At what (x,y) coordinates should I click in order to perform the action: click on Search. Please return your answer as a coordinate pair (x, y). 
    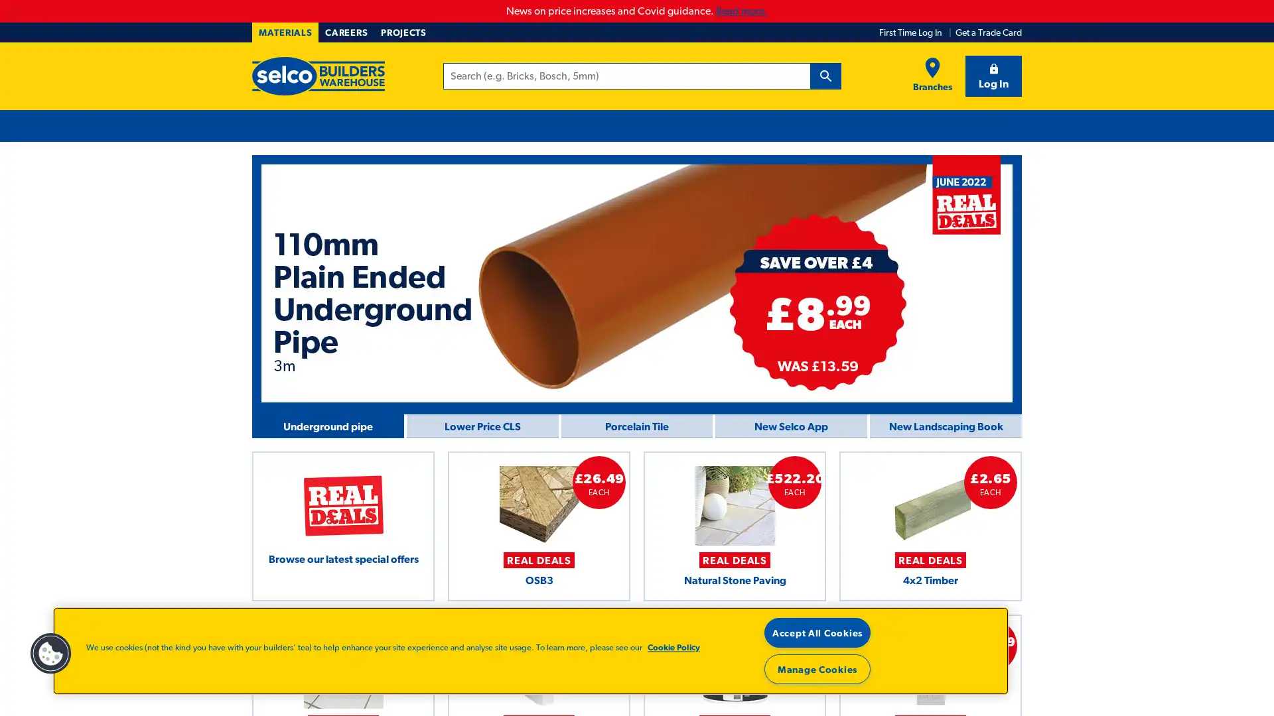
    Looking at the image, I should click on (825, 76).